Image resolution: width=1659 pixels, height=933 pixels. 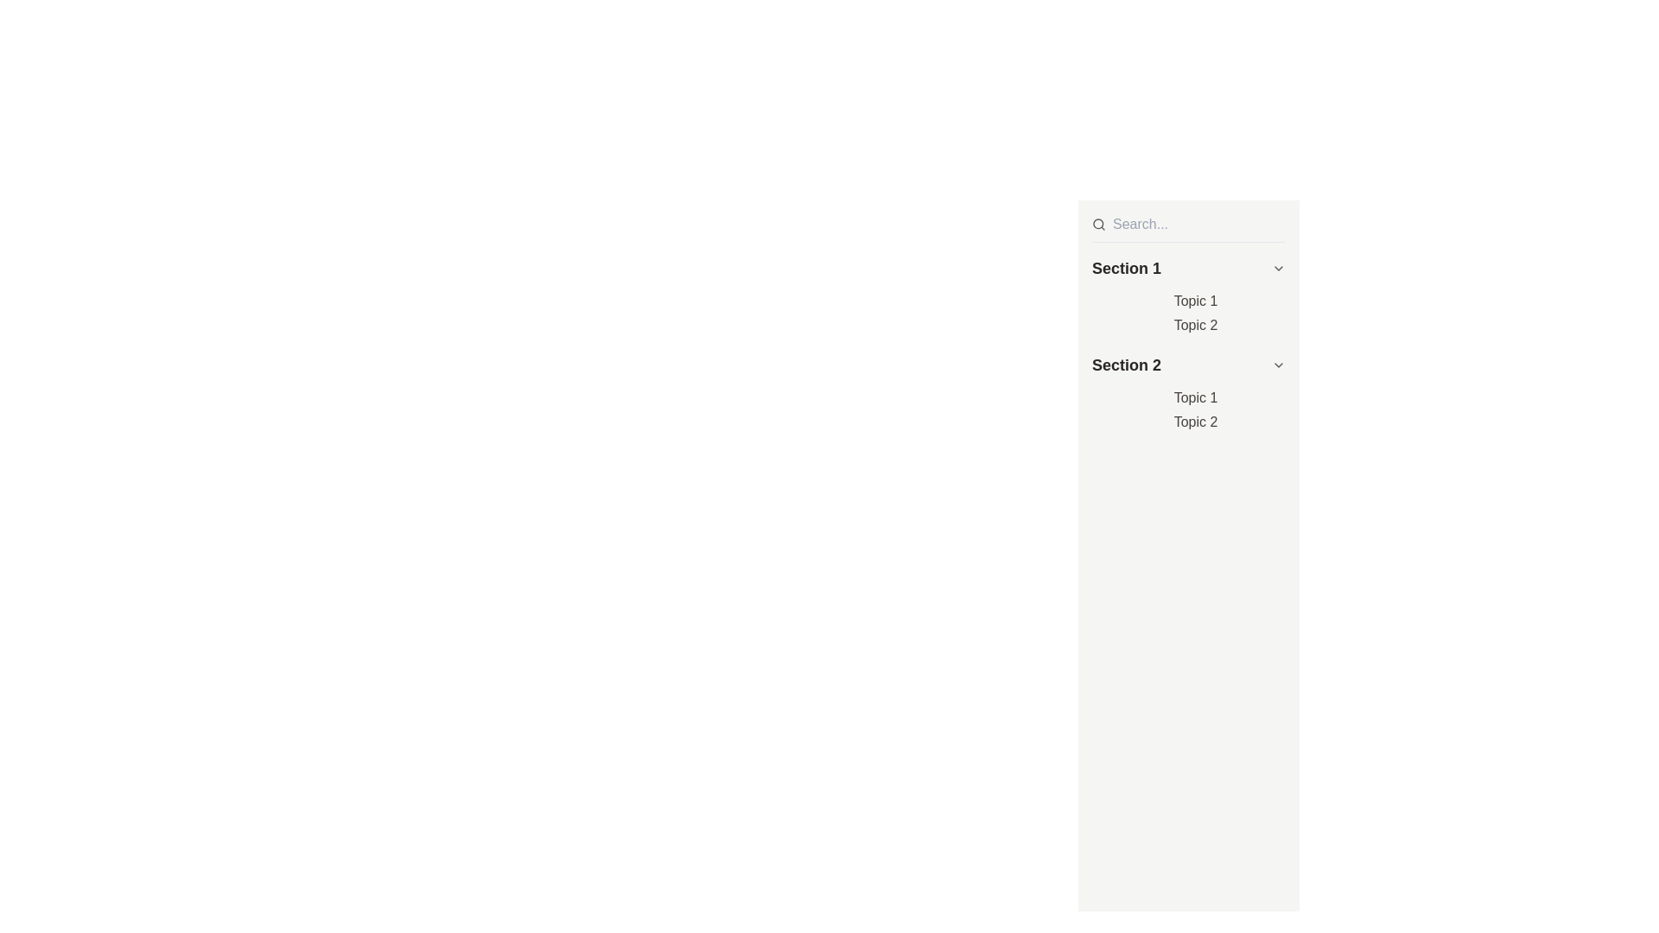 What do you see at coordinates (1194, 326) in the screenshot?
I see `the Text label for 'Topic 2' located directly below 'Topic 1' in 'Section 1'` at bounding box center [1194, 326].